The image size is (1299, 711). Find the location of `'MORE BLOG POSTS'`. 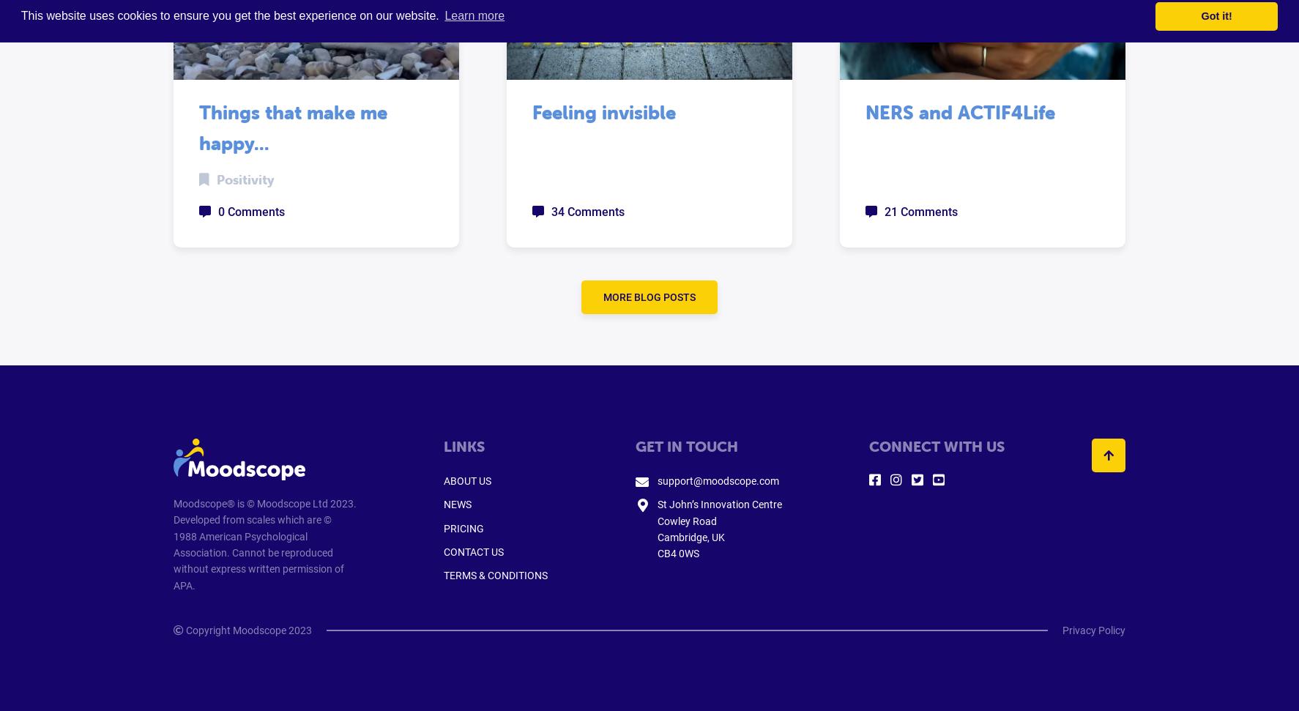

'MORE BLOG POSTS' is located at coordinates (649, 296).